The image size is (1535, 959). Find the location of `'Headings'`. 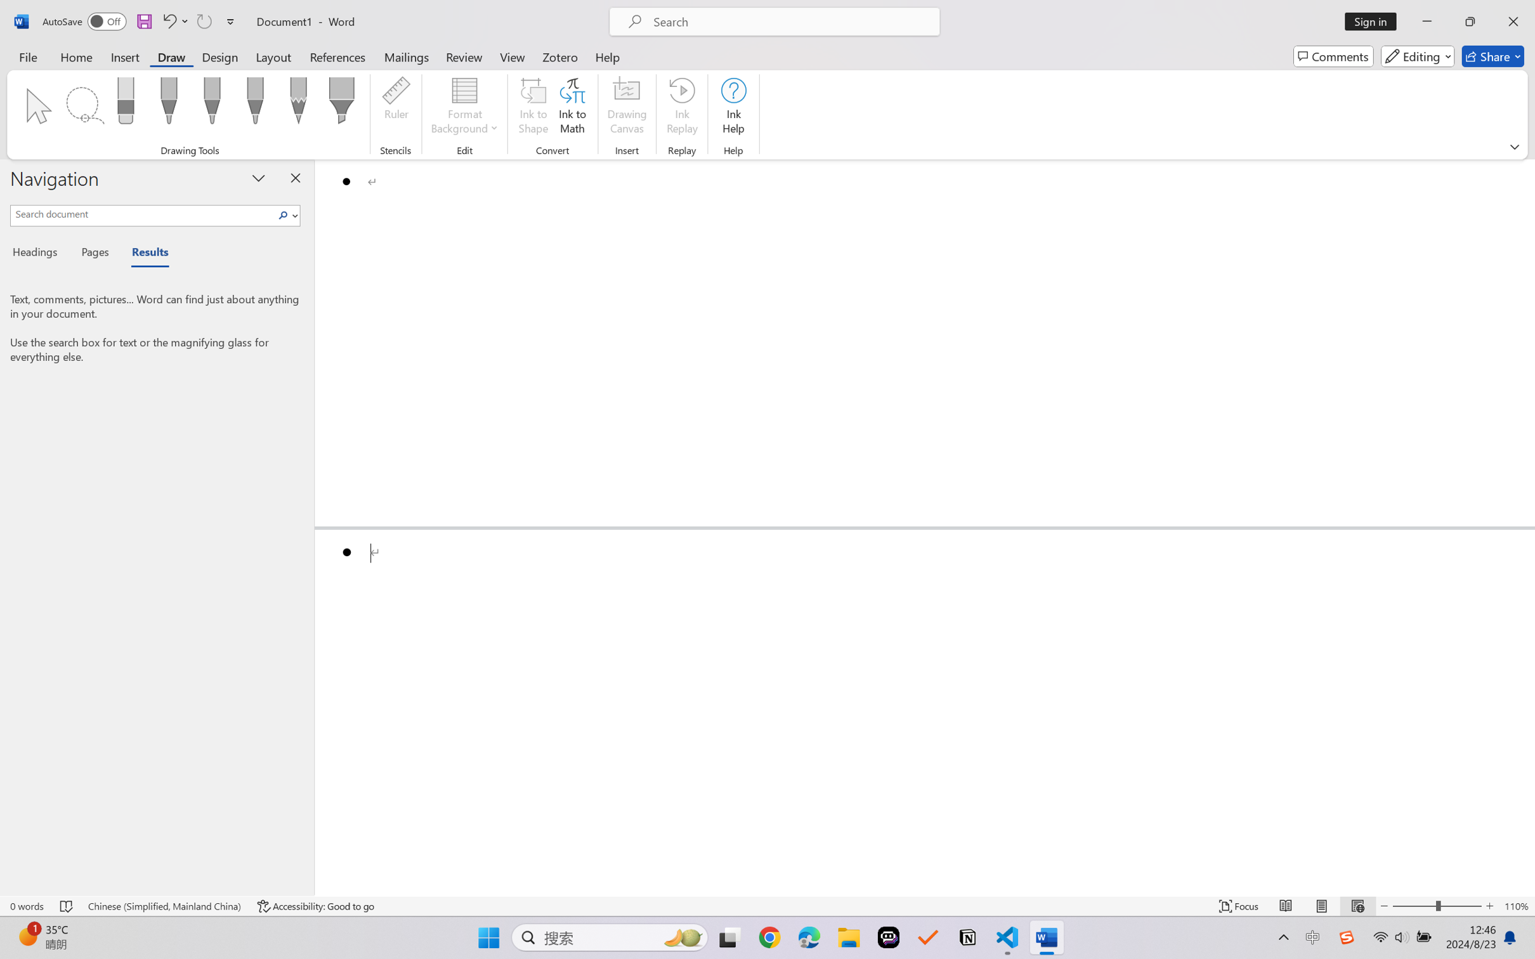

'Headings' is located at coordinates (39, 254).